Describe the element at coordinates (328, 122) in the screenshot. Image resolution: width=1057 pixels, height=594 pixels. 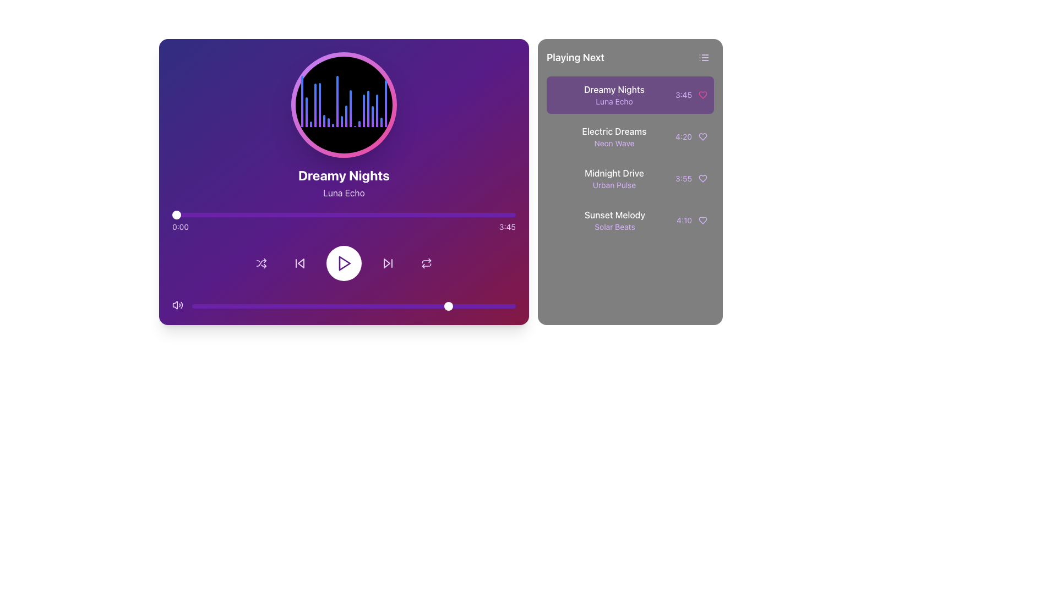
I see `the seventh vertical bar in the histogram or visualizer, which is a thin rectangle with a gradient fill from purple to blue and rounded top corners` at that location.